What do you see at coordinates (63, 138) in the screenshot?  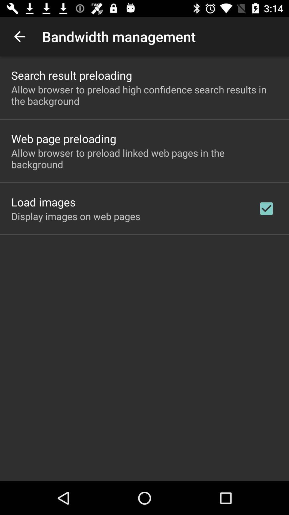 I see `the app above allow browser to` at bounding box center [63, 138].